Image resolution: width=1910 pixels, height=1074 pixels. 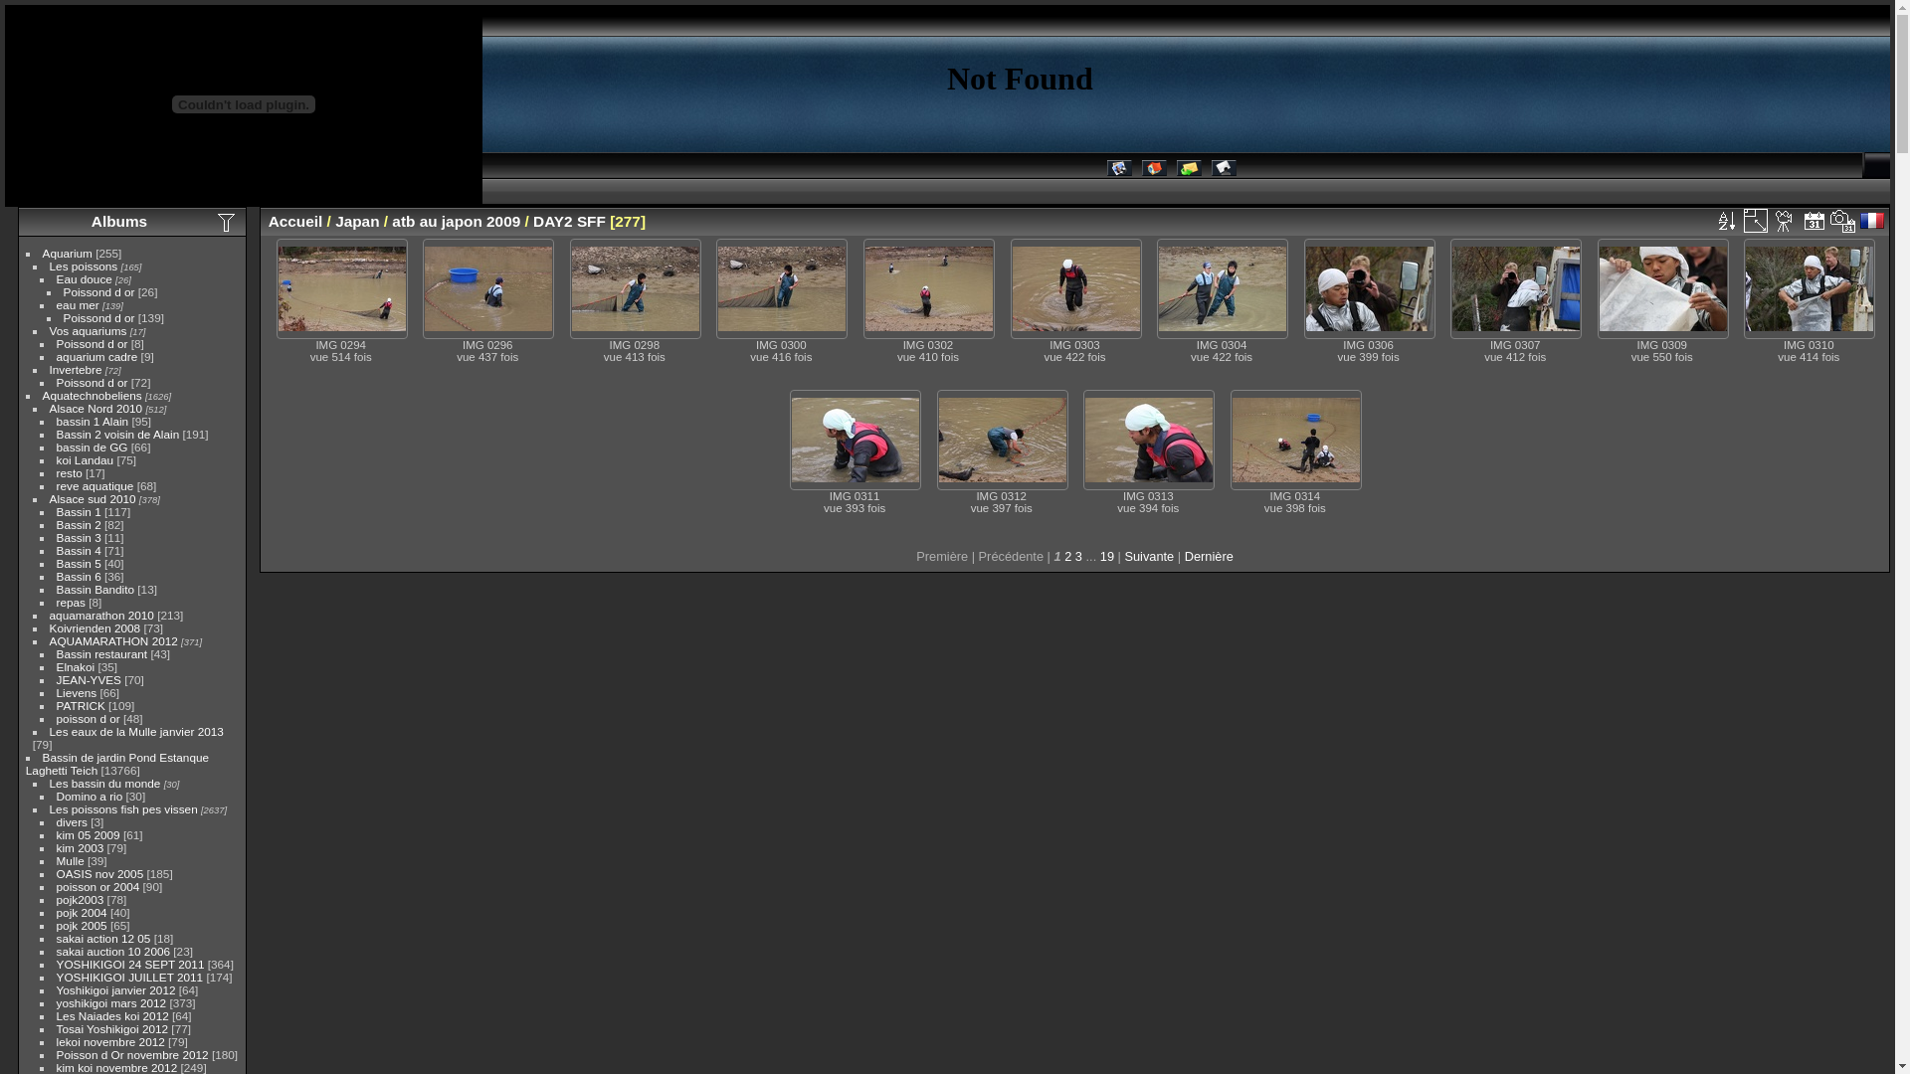 I want to click on 'IMG 0304 (422 visites)', so click(x=1221, y=288).